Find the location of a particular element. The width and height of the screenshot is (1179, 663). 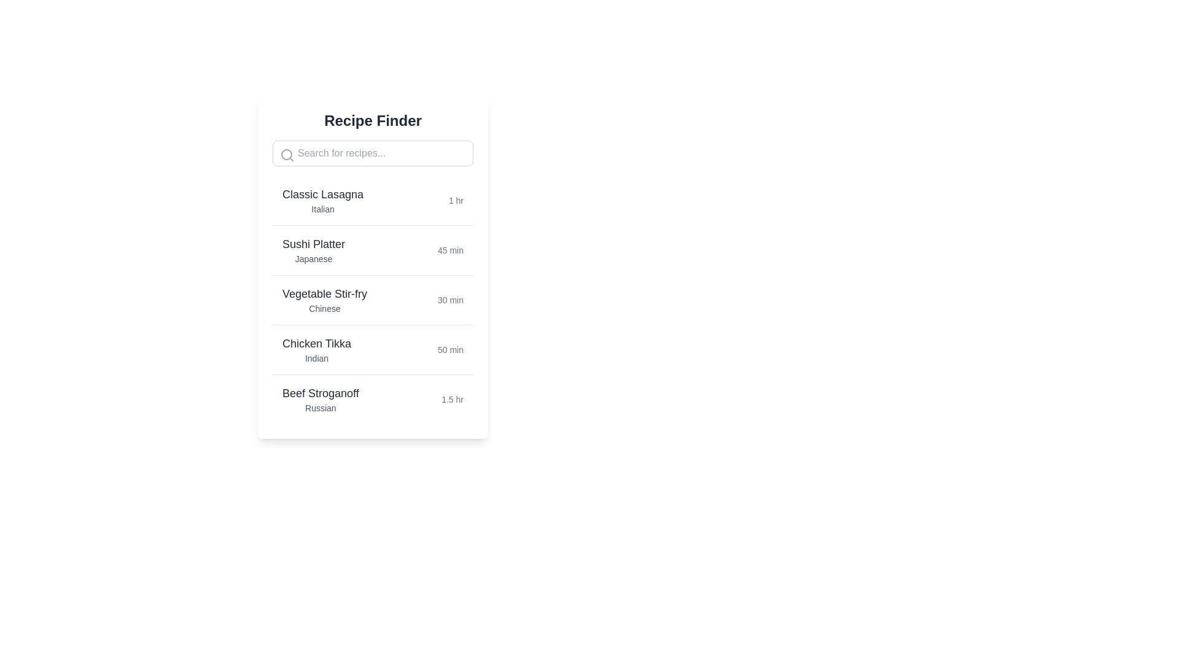

the SVG circle that represents the lens of the search icon, located near the left edge of the search input box, just below the title 'Recipe Finder' is located at coordinates (286, 153).